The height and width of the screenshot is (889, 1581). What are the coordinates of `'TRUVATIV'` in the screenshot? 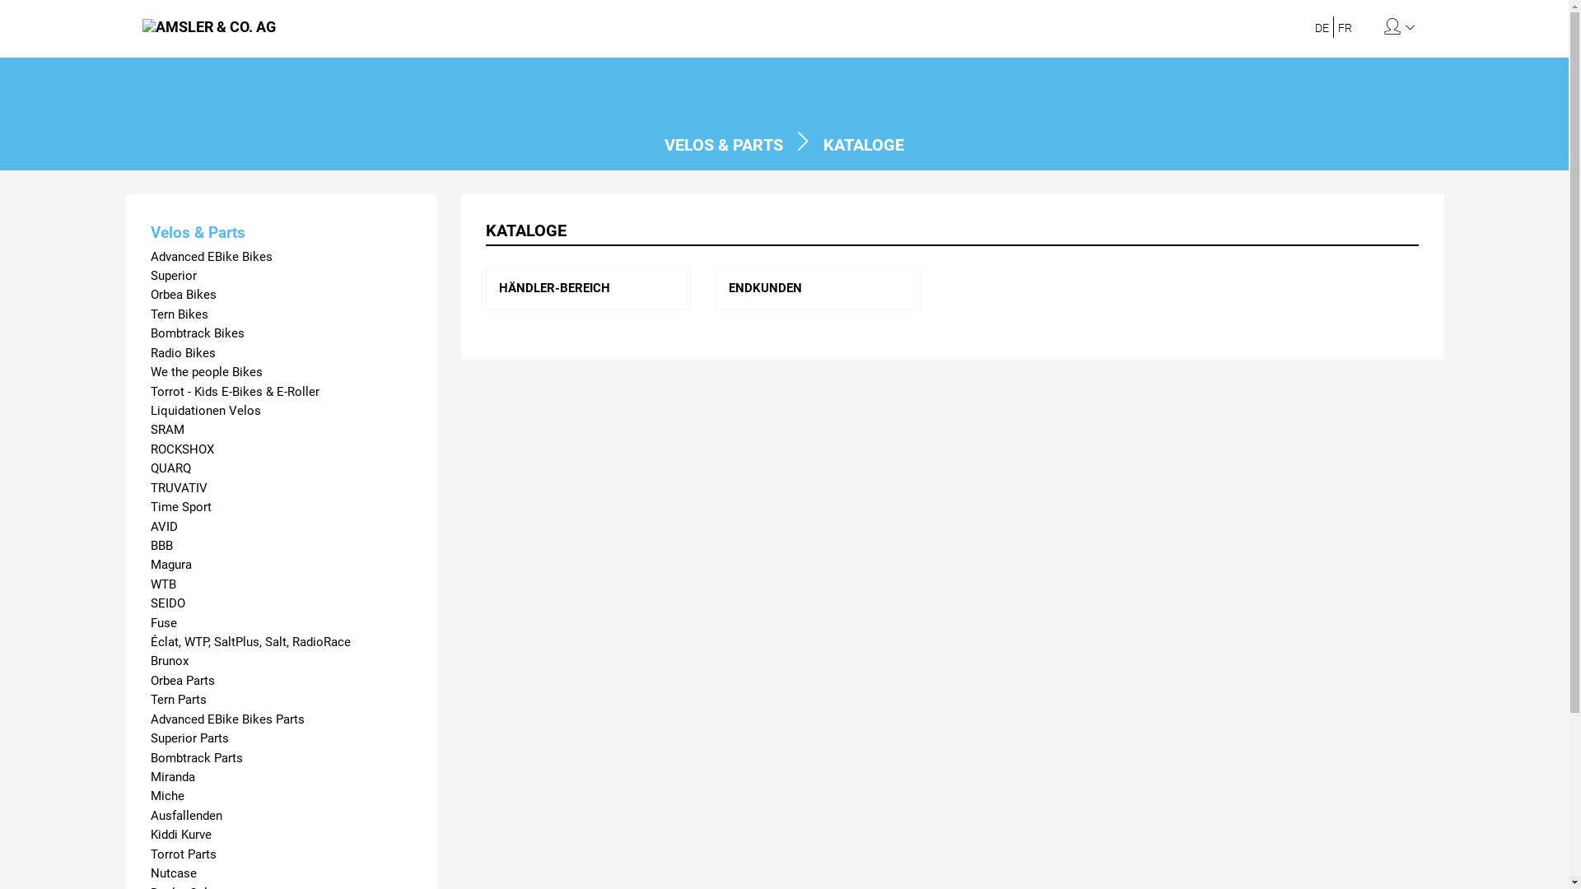 It's located at (280, 487).